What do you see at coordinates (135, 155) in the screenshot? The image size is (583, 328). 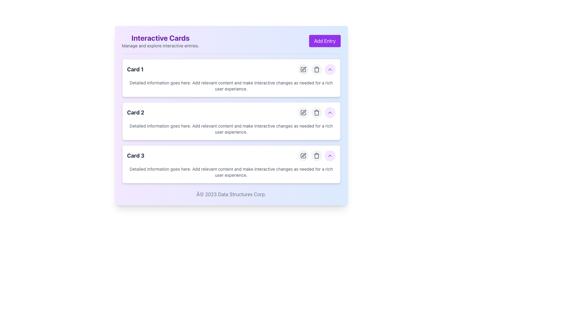 I see `text content of the title label located at the top-left section of the third card, which identifies the purpose of the card` at bounding box center [135, 155].